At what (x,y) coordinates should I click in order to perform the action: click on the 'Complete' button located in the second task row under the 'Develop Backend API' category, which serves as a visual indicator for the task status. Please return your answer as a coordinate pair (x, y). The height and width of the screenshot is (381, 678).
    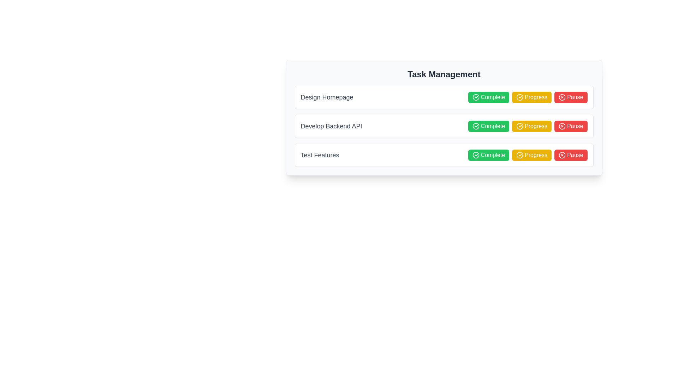
    Looking at the image, I should click on (476, 126).